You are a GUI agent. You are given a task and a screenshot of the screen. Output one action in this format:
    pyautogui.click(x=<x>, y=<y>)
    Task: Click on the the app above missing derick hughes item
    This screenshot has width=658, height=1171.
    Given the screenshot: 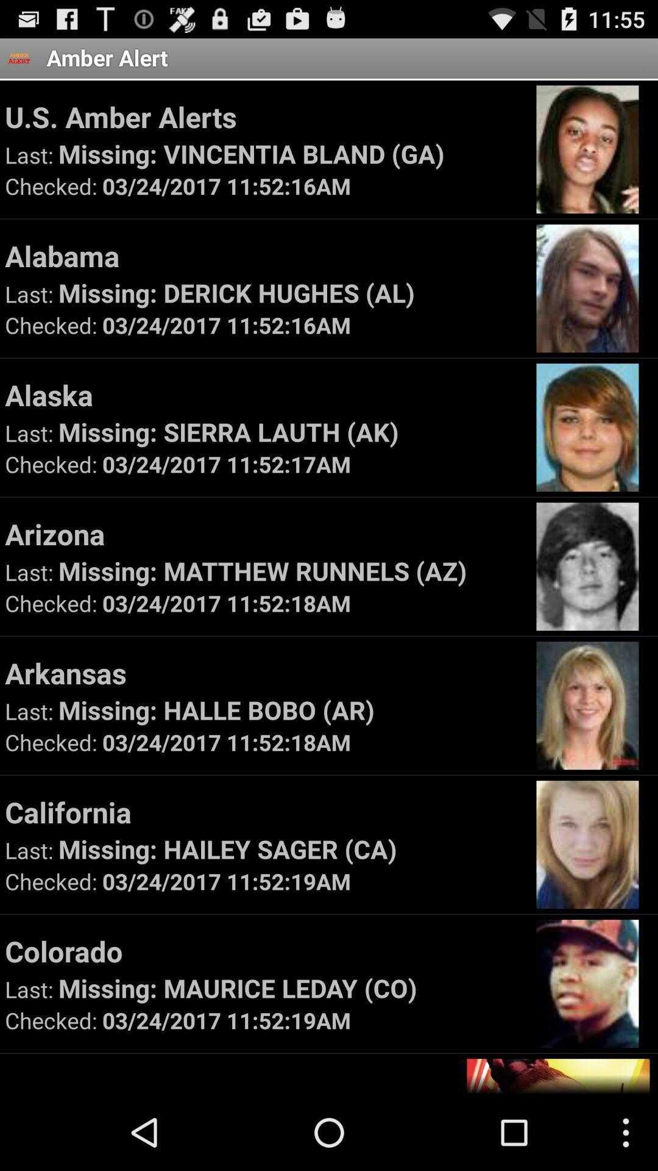 What is the action you would take?
    pyautogui.click(x=264, y=255)
    